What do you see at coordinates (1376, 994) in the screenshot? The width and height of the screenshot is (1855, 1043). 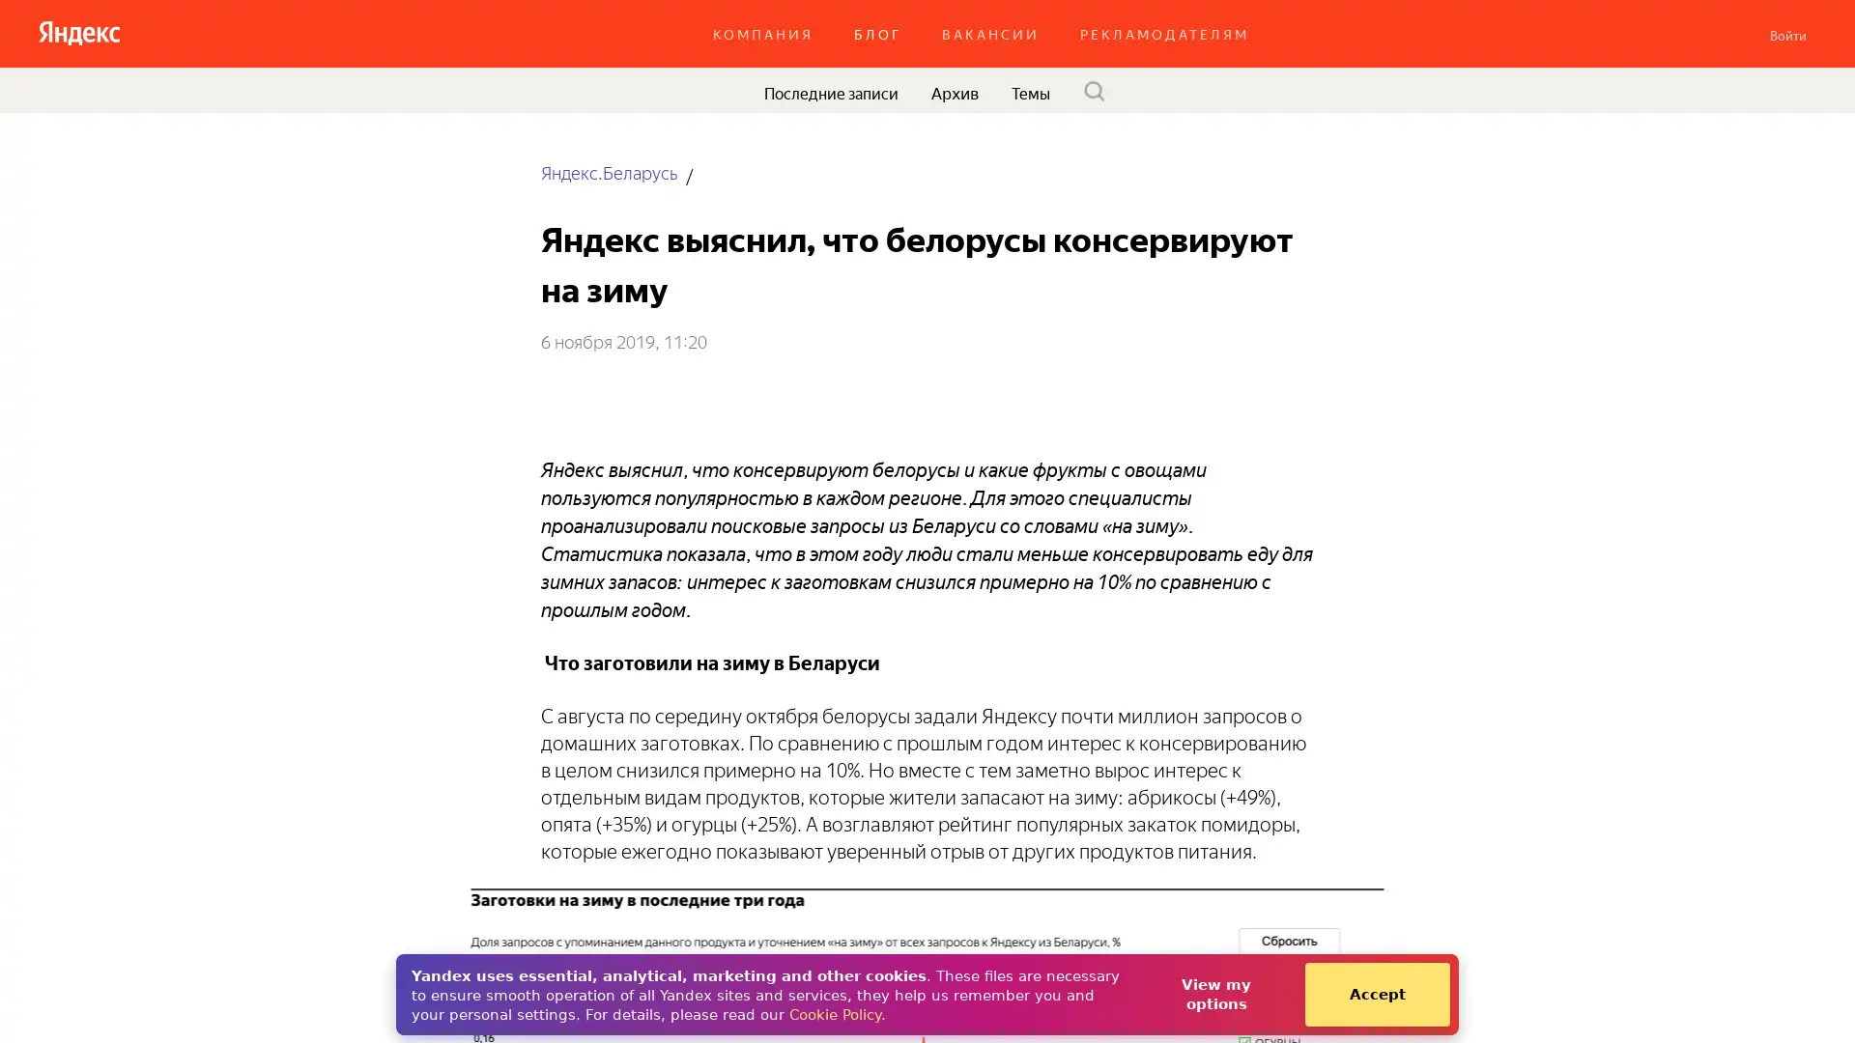 I see `Accept` at bounding box center [1376, 994].